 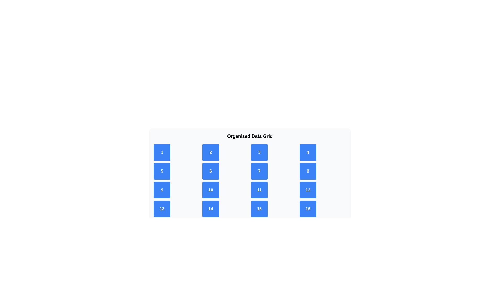 I want to click on the button representing the number '7' in the second row, third column of the numerical grid interface, so click(x=259, y=171).